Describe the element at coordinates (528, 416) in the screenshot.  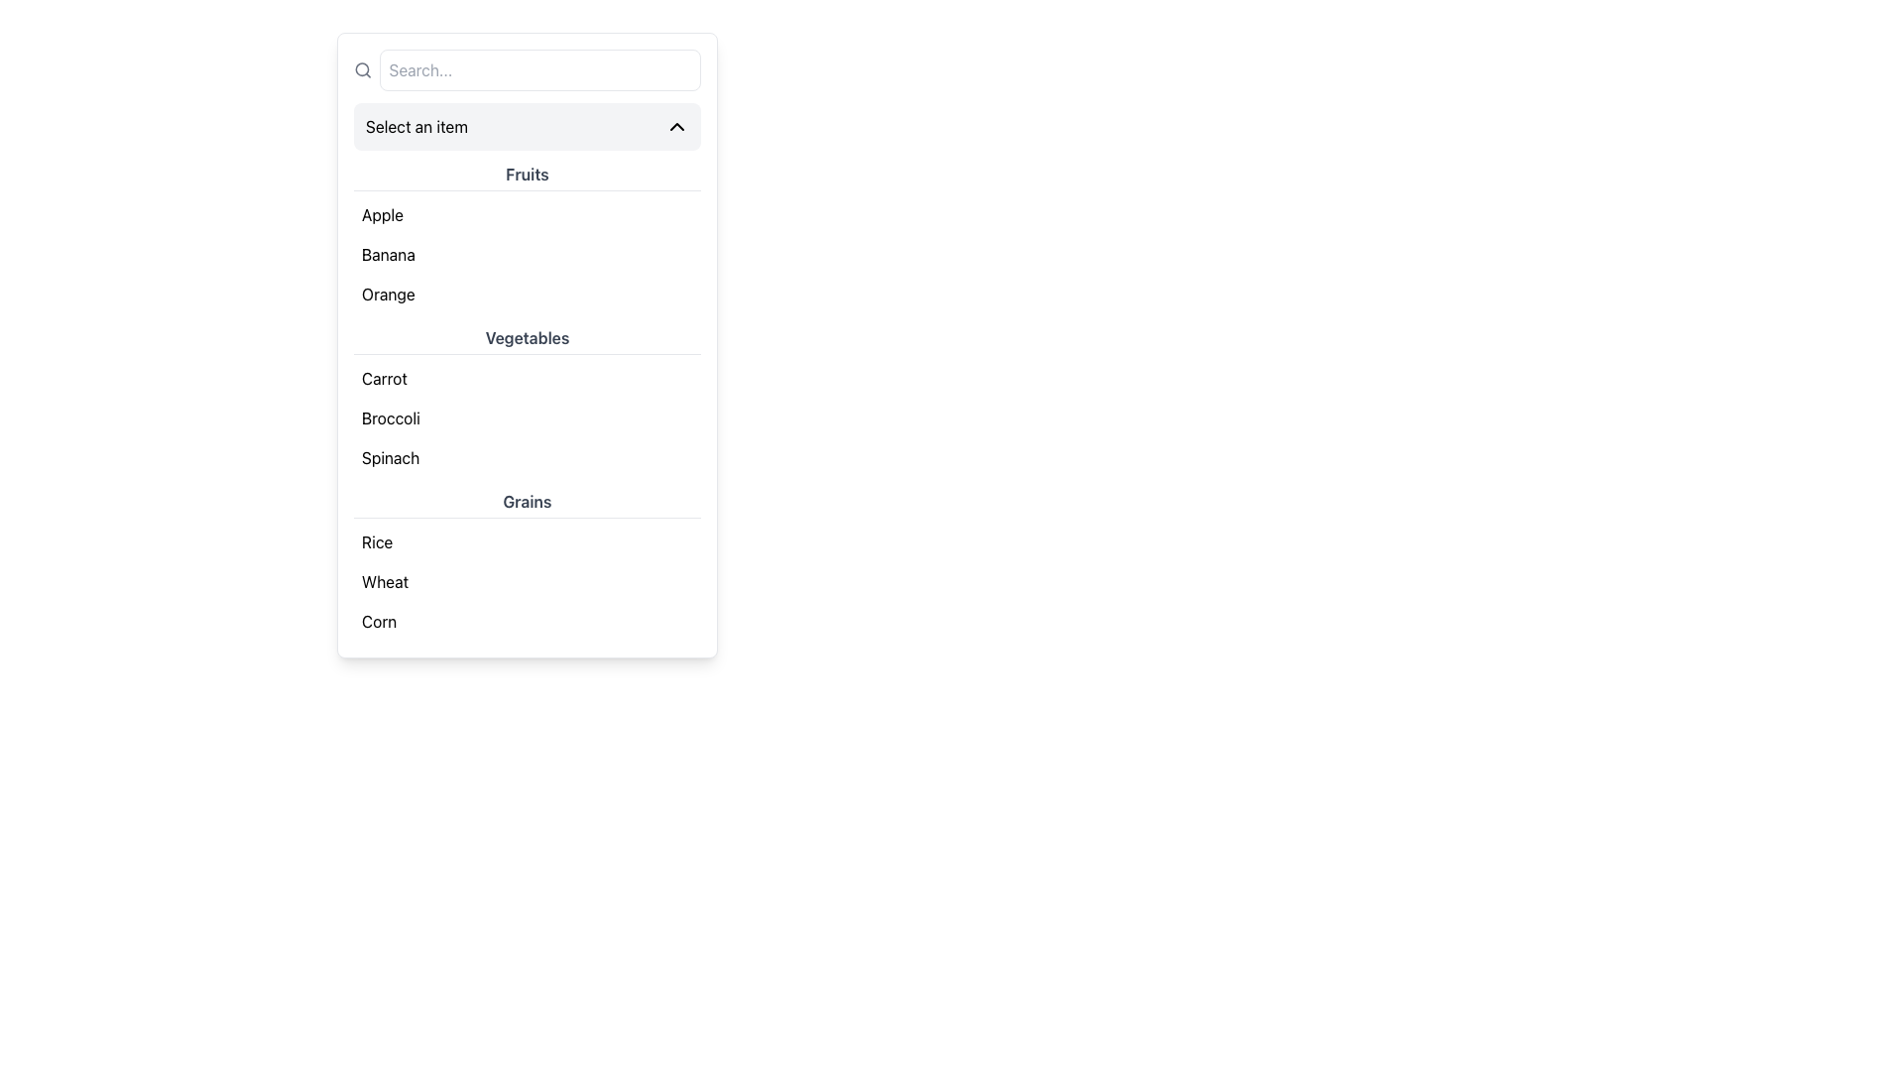
I see `the 'Broccoli' list item in the 'Vegetables' section` at that location.